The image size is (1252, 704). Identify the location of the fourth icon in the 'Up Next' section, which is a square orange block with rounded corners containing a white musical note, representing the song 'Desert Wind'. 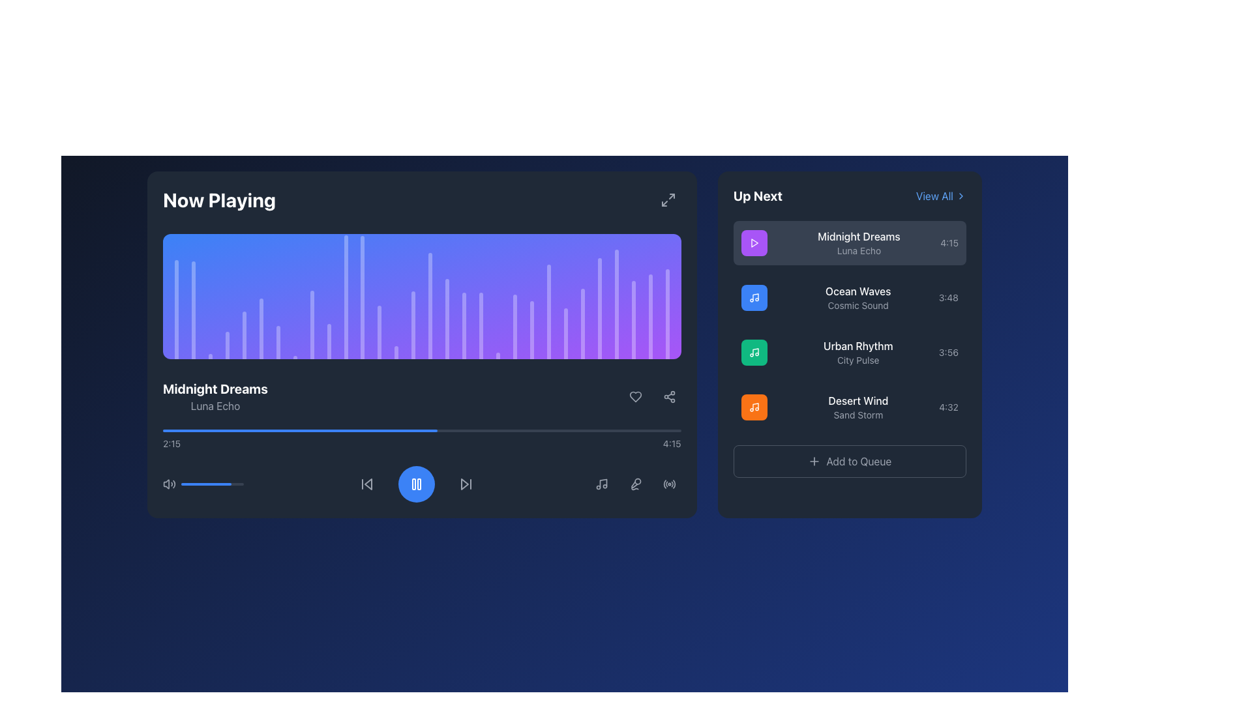
(754, 406).